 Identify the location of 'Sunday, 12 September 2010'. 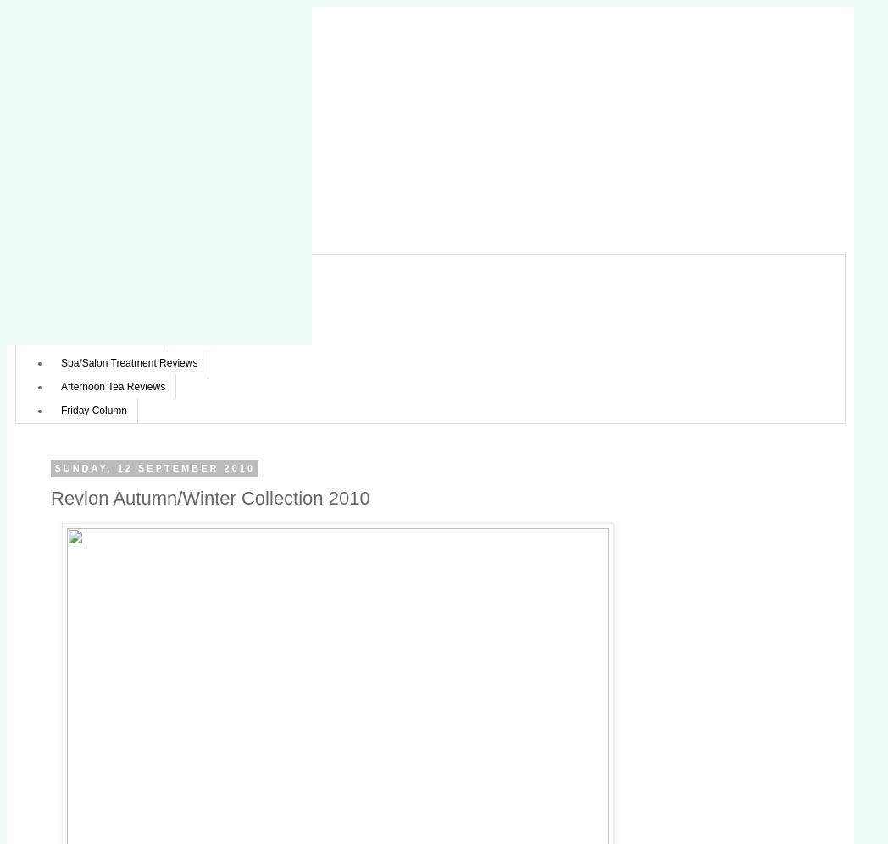
(153, 468).